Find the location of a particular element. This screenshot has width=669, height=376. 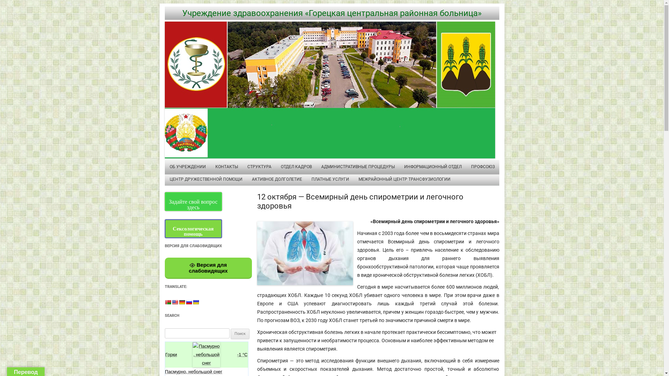

'German' is located at coordinates (182, 301).